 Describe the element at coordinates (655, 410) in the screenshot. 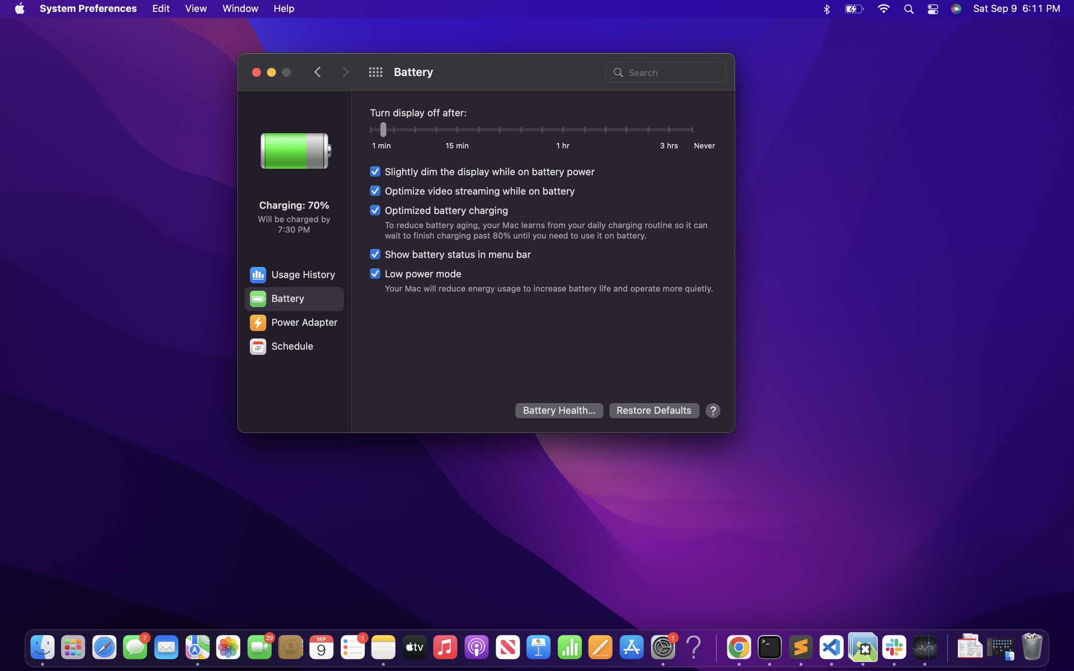

I see `all preferences to their original status` at that location.